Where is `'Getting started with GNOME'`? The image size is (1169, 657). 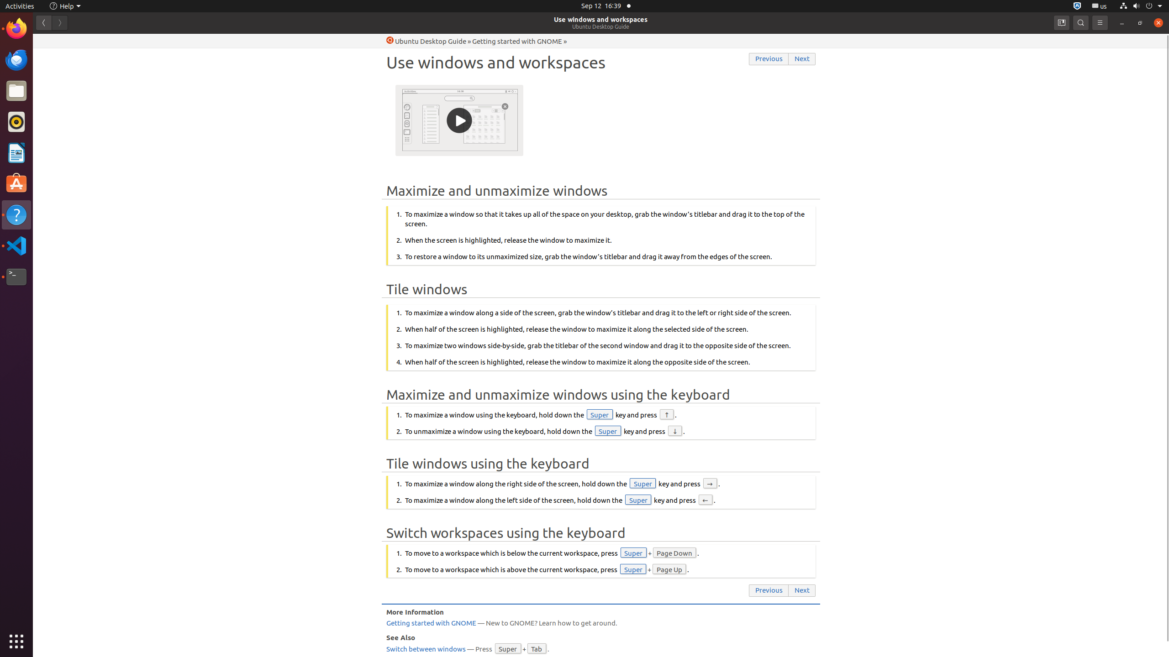 'Getting started with GNOME' is located at coordinates (517, 41).